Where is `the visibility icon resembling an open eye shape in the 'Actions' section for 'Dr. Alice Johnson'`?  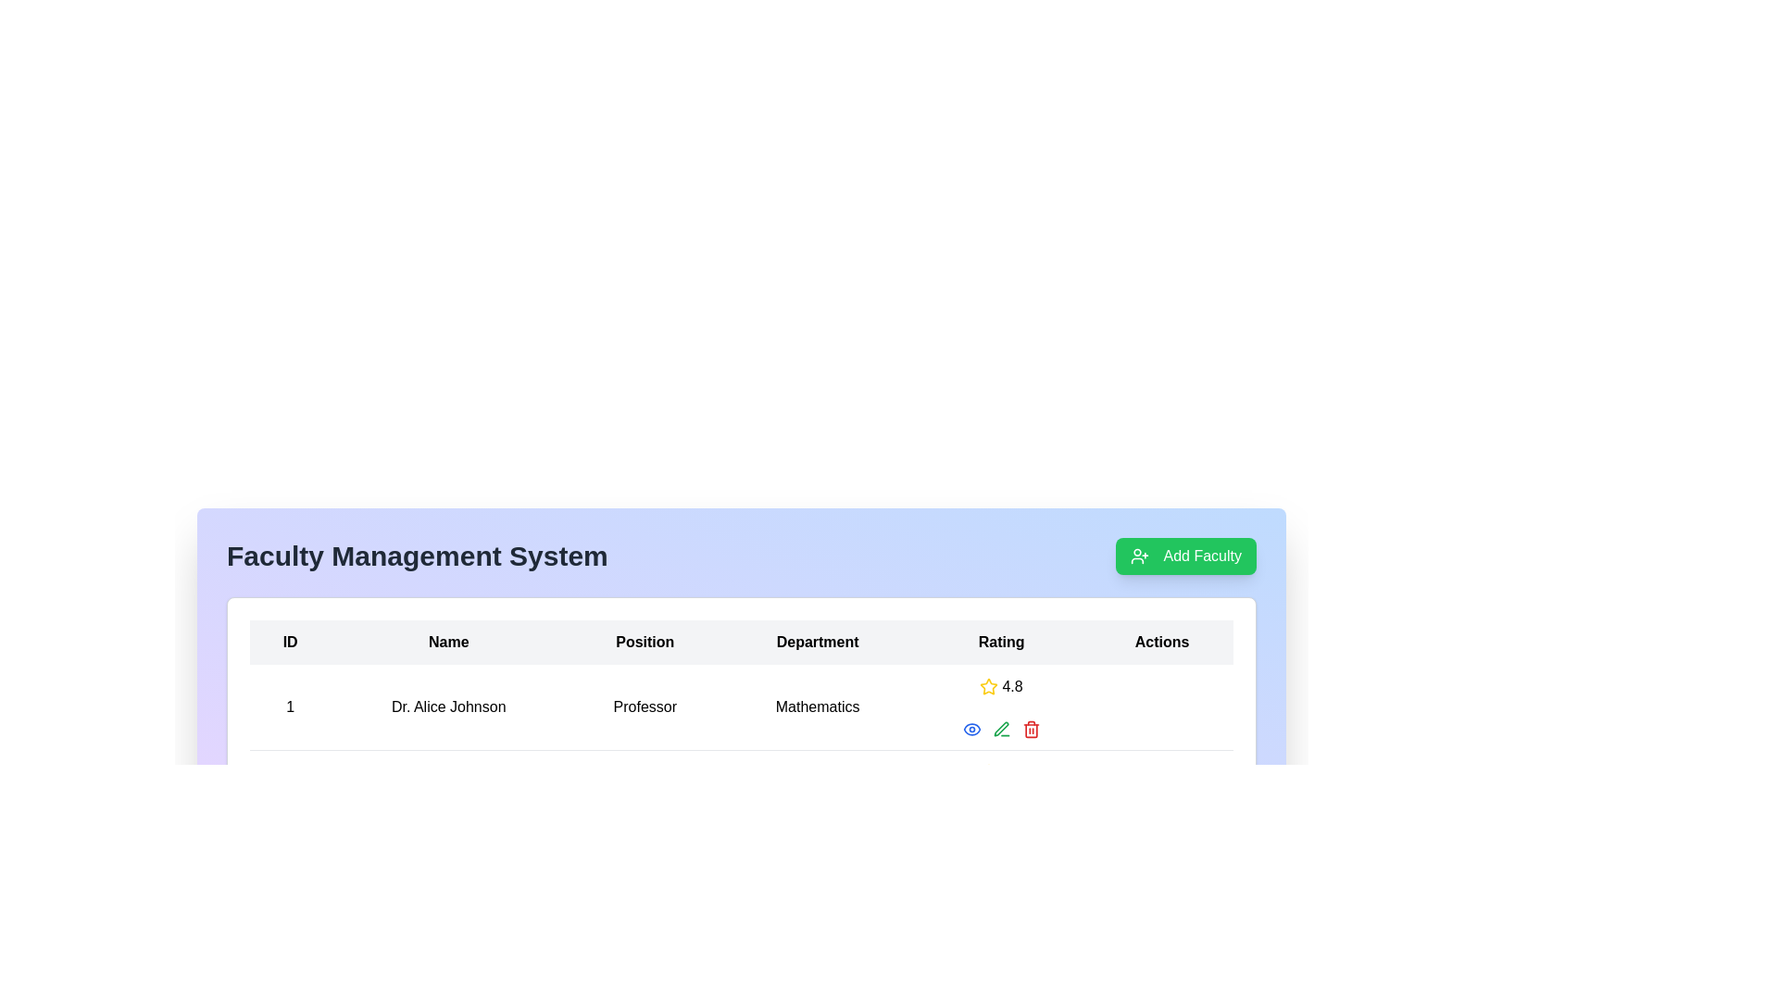 the visibility icon resembling an open eye shape in the 'Actions' section for 'Dr. Alice Johnson' is located at coordinates (970, 728).